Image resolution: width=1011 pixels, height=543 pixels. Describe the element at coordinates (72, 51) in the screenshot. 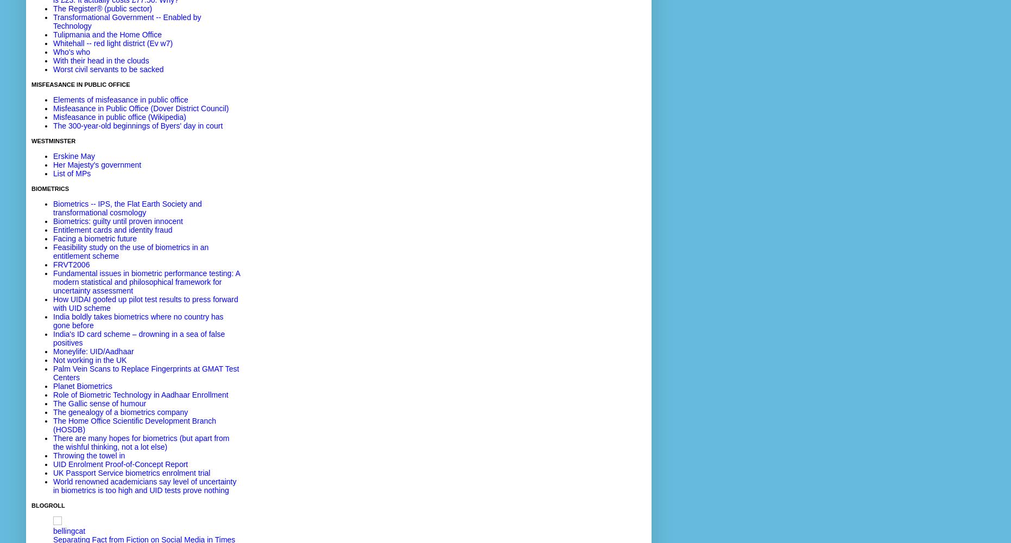

I see `'Who's who'` at that location.